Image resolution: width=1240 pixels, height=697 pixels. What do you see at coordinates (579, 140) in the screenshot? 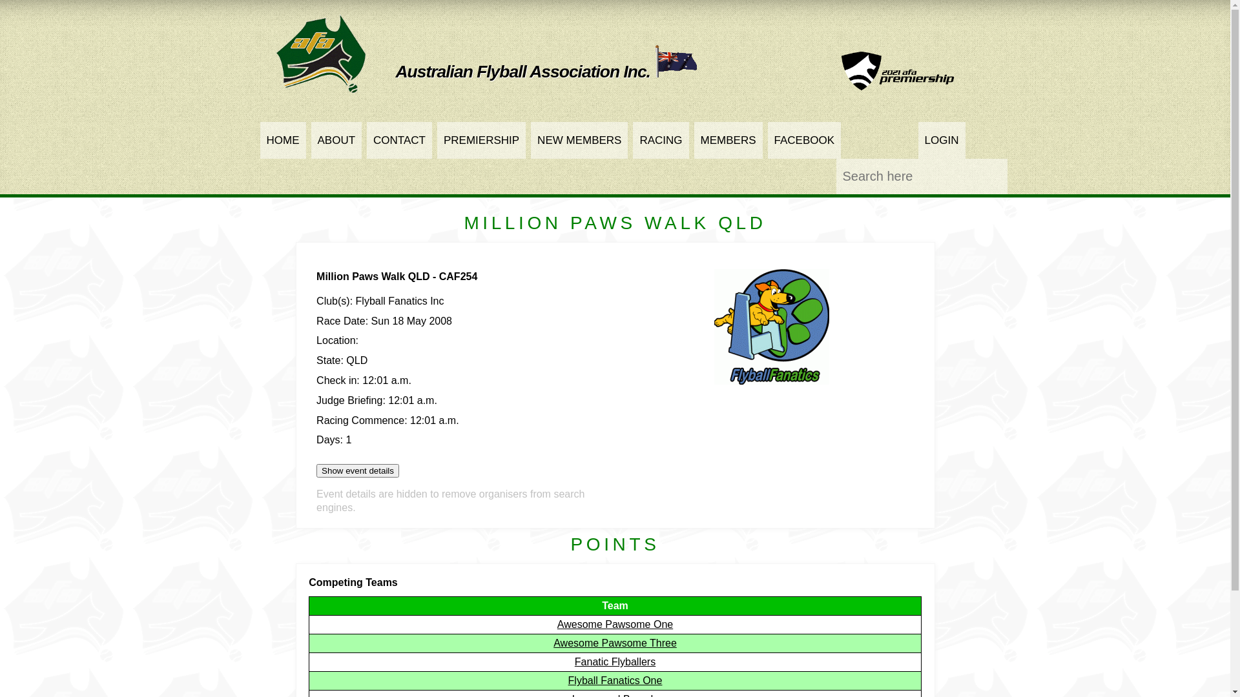
I see `'NEW MEMBERS'` at bounding box center [579, 140].